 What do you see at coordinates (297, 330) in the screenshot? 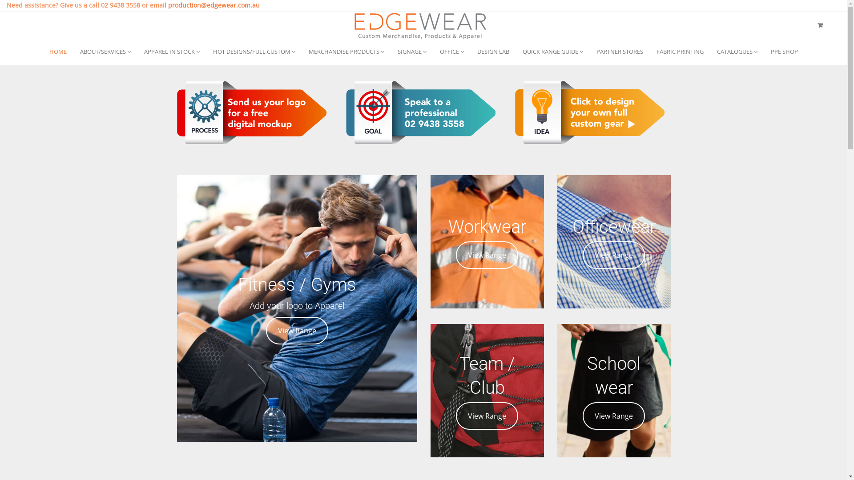
I see `'View Range'` at bounding box center [297, 330].